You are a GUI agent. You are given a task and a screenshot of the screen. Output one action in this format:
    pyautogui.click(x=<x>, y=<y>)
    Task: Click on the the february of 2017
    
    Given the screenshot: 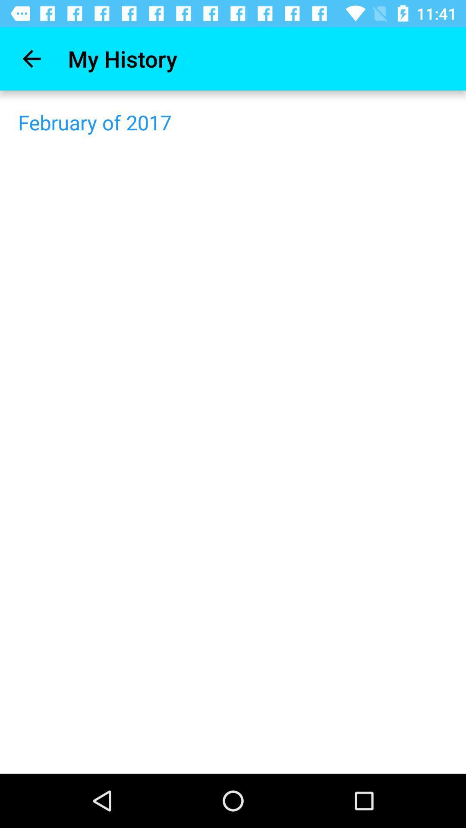 What is the action you would take?
    pyautogui.click(x=94, y=122)
    